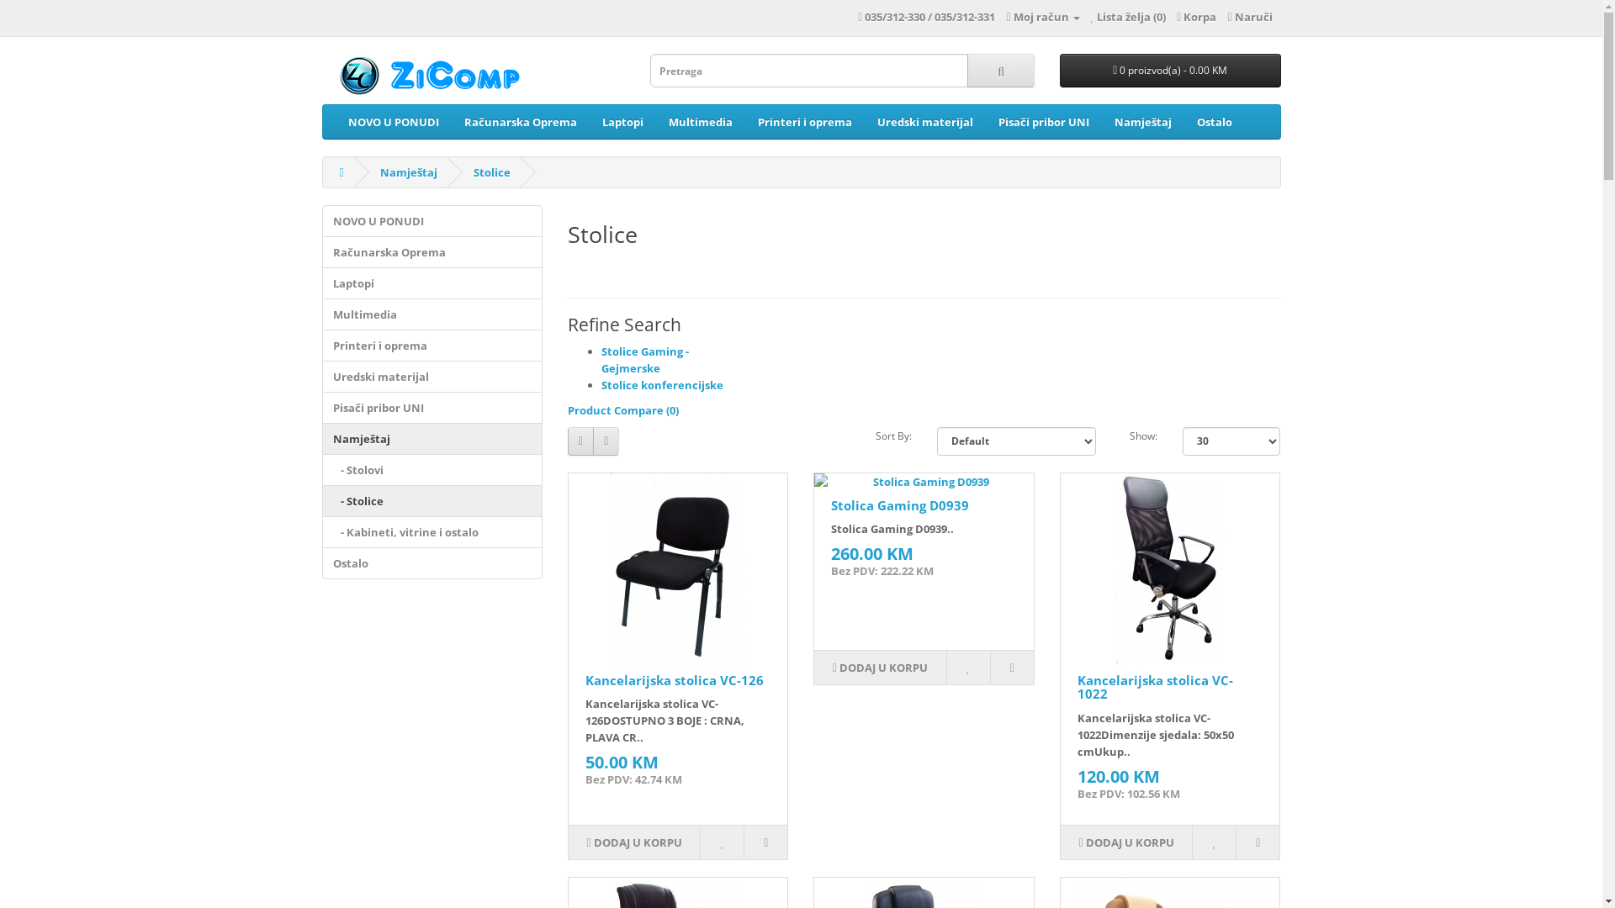  What do you see at coordinates (701, 121) in the screenshot?
I see `'Multimedia'` at bounding box center [701, 121].